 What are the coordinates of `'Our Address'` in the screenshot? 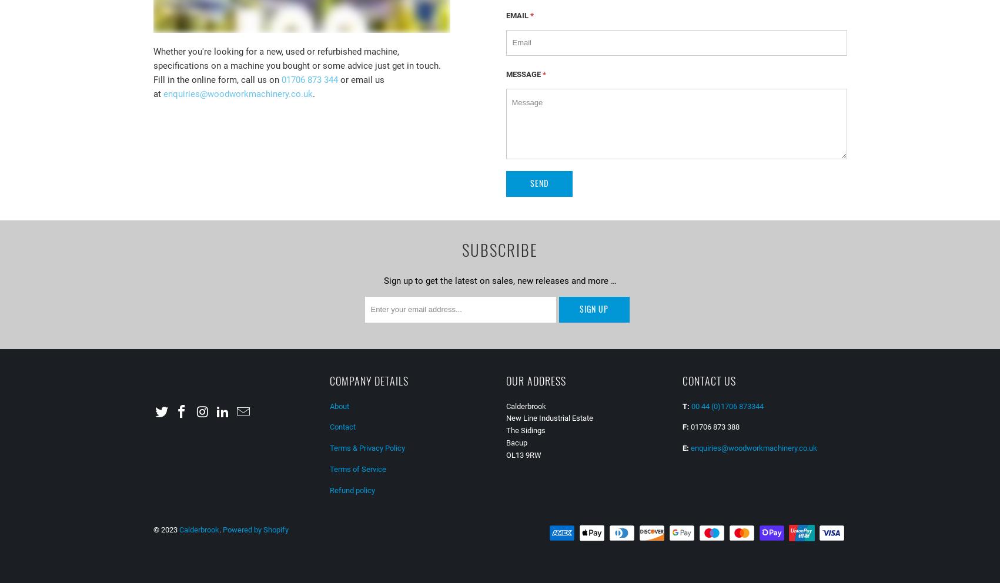 It's located at (535, 380).